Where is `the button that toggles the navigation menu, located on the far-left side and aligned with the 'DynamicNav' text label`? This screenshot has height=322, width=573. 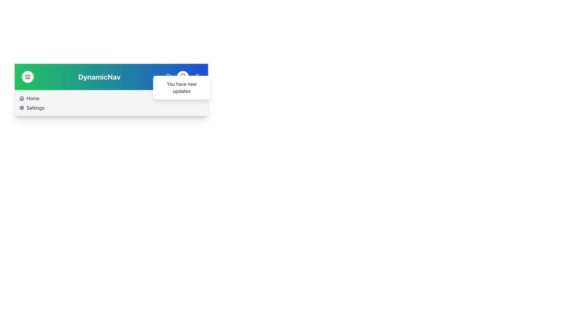 the button that toggles the navigation menu, located on the far-left side and aligned with the 'DynamicNav' text label is located at coordinates (27, 77).